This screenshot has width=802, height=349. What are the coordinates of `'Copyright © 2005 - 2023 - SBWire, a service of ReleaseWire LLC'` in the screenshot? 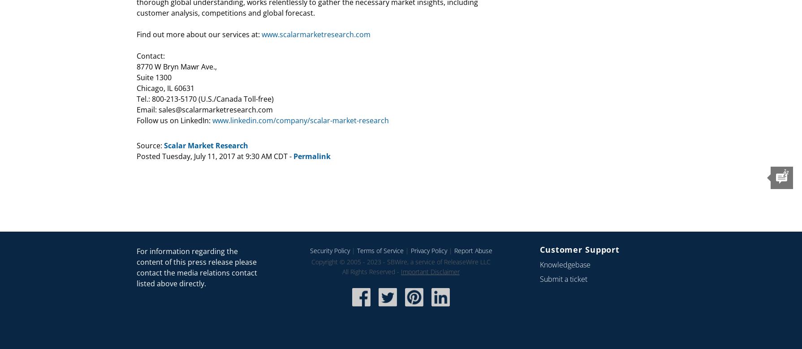 It's located at (401, 261).